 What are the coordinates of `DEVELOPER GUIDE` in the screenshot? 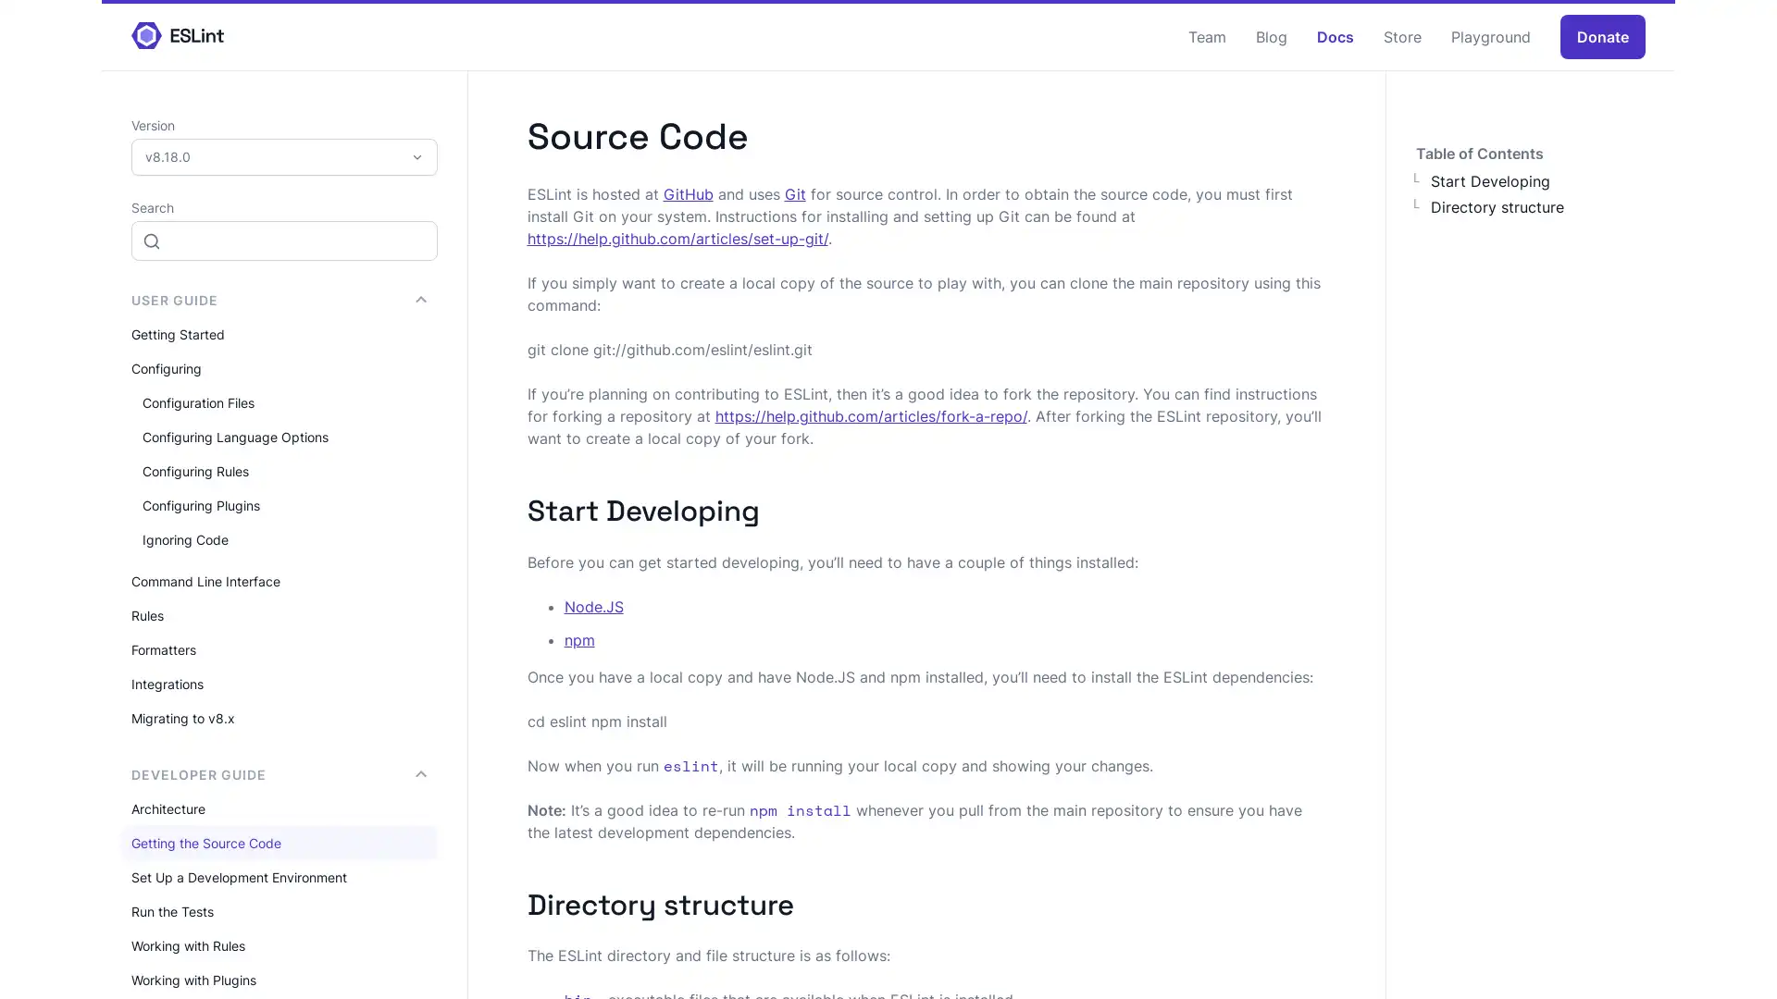 It's located at (278, 773).